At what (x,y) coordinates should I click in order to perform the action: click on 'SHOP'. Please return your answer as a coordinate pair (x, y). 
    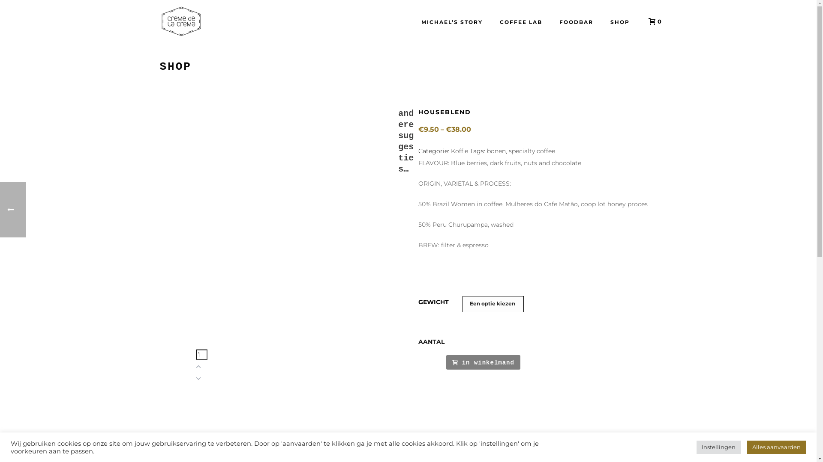
    Looking at the image, I should click on (620, 21).